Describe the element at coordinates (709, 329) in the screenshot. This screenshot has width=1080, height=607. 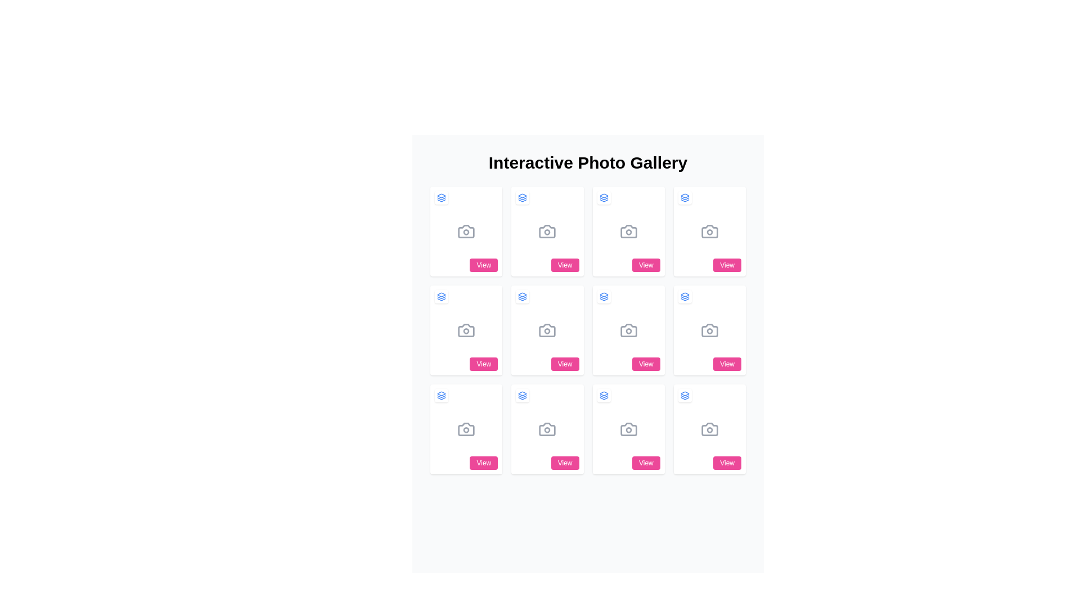
I see `the camera icon located in the third row and third column of the grid under 'Interactive Photo Gallery'` at that location.